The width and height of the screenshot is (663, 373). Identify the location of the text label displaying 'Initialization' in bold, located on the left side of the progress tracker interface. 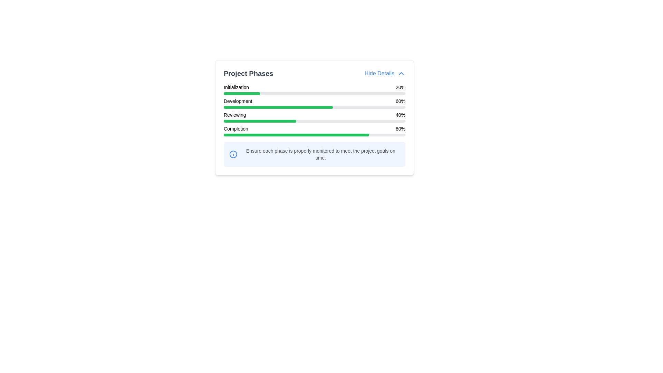
(236, 87).